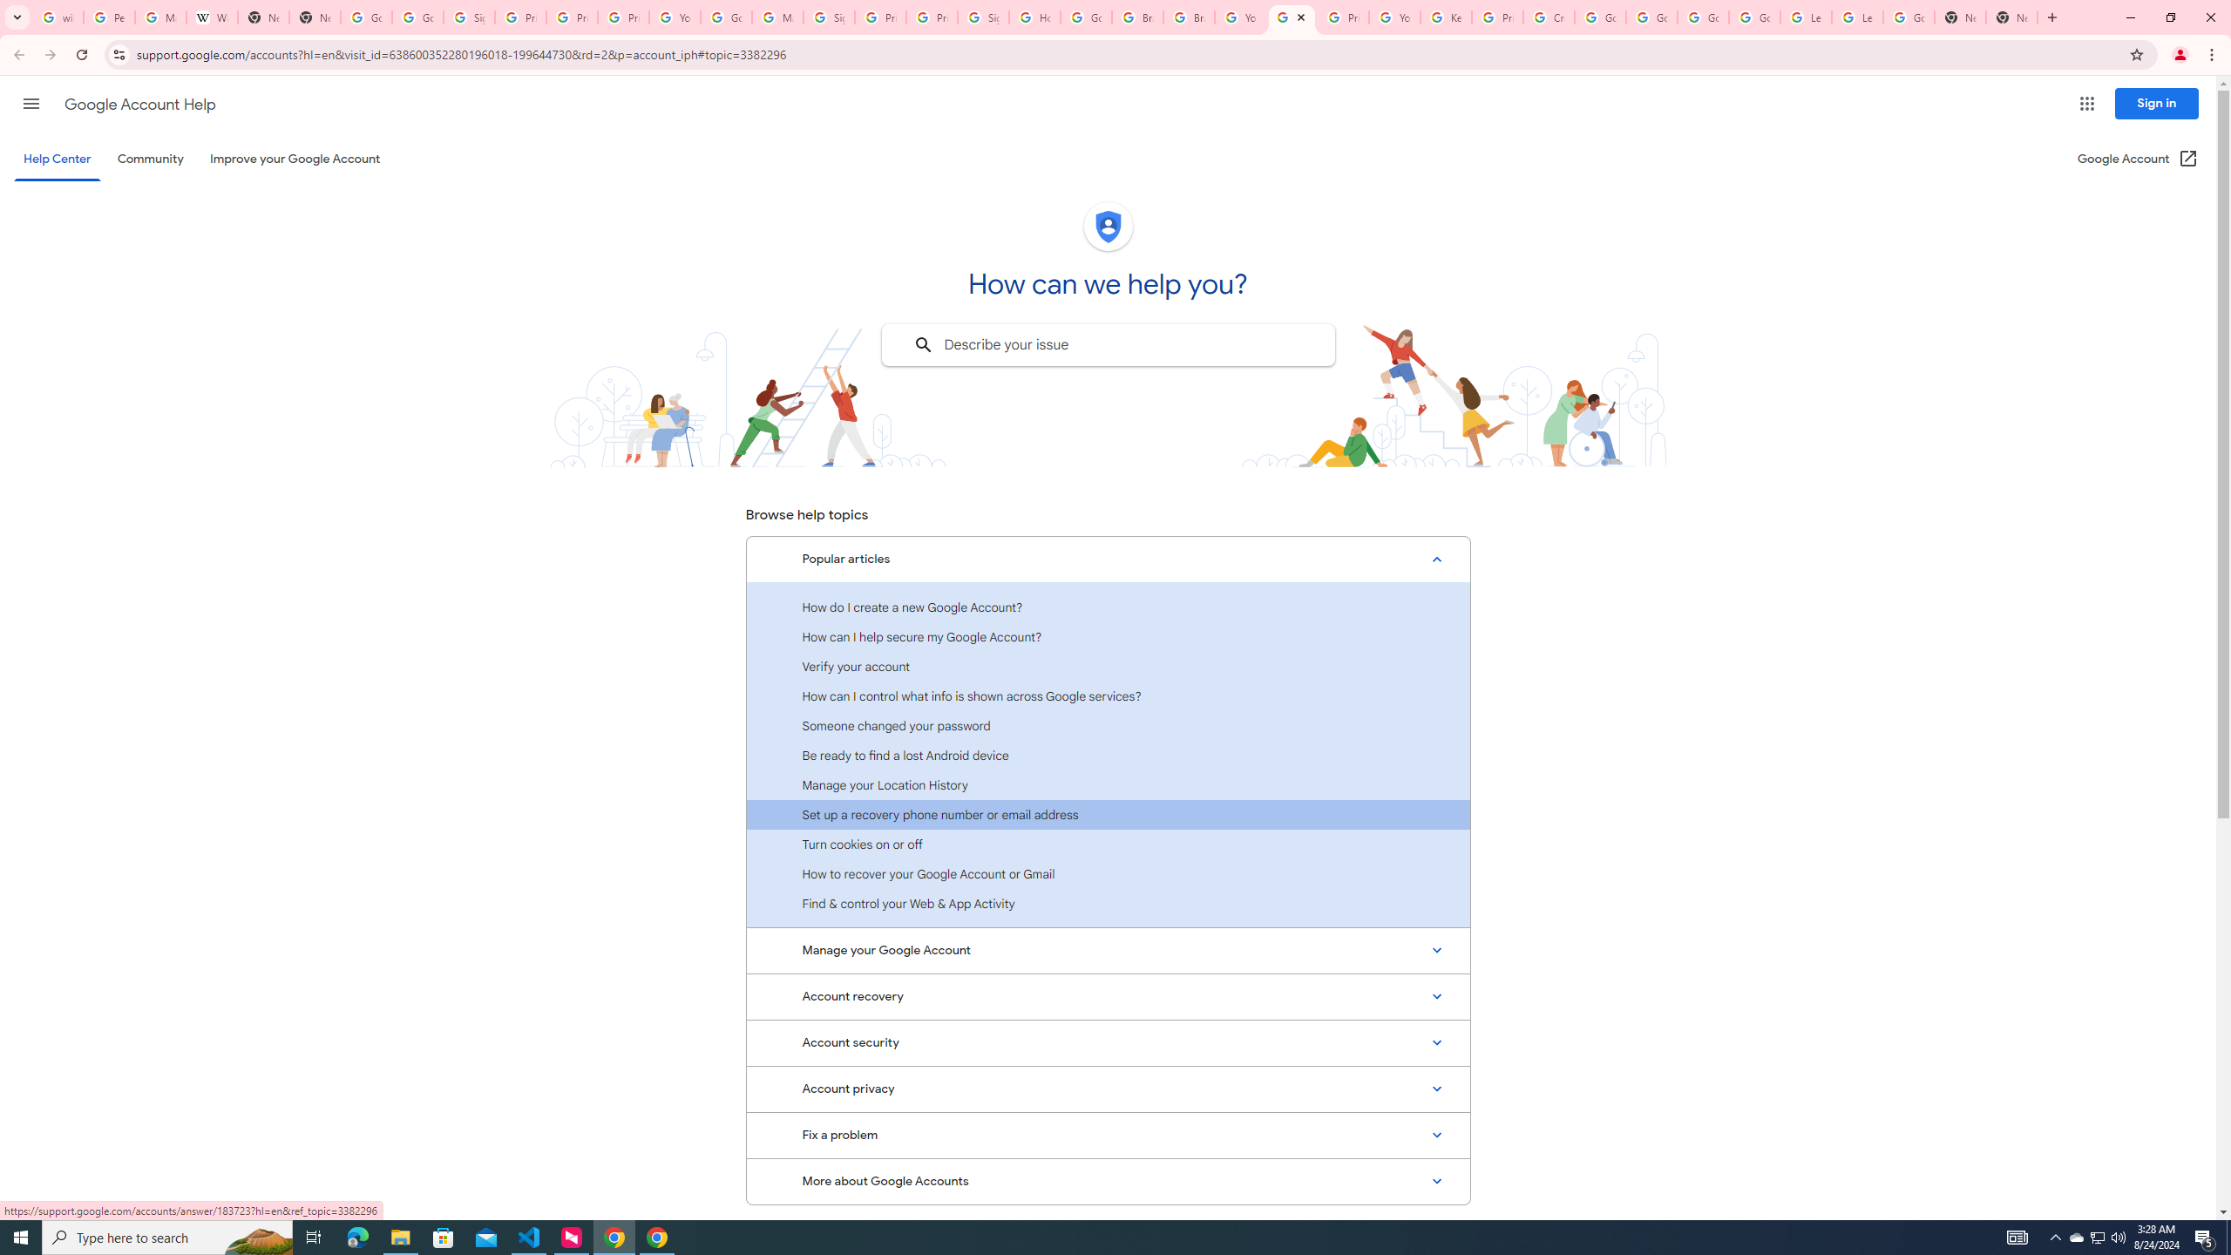  What do you see at coordinates (57, 158) in the screenshot?
I see `'Help Center'` at bounding box center [57, 158].